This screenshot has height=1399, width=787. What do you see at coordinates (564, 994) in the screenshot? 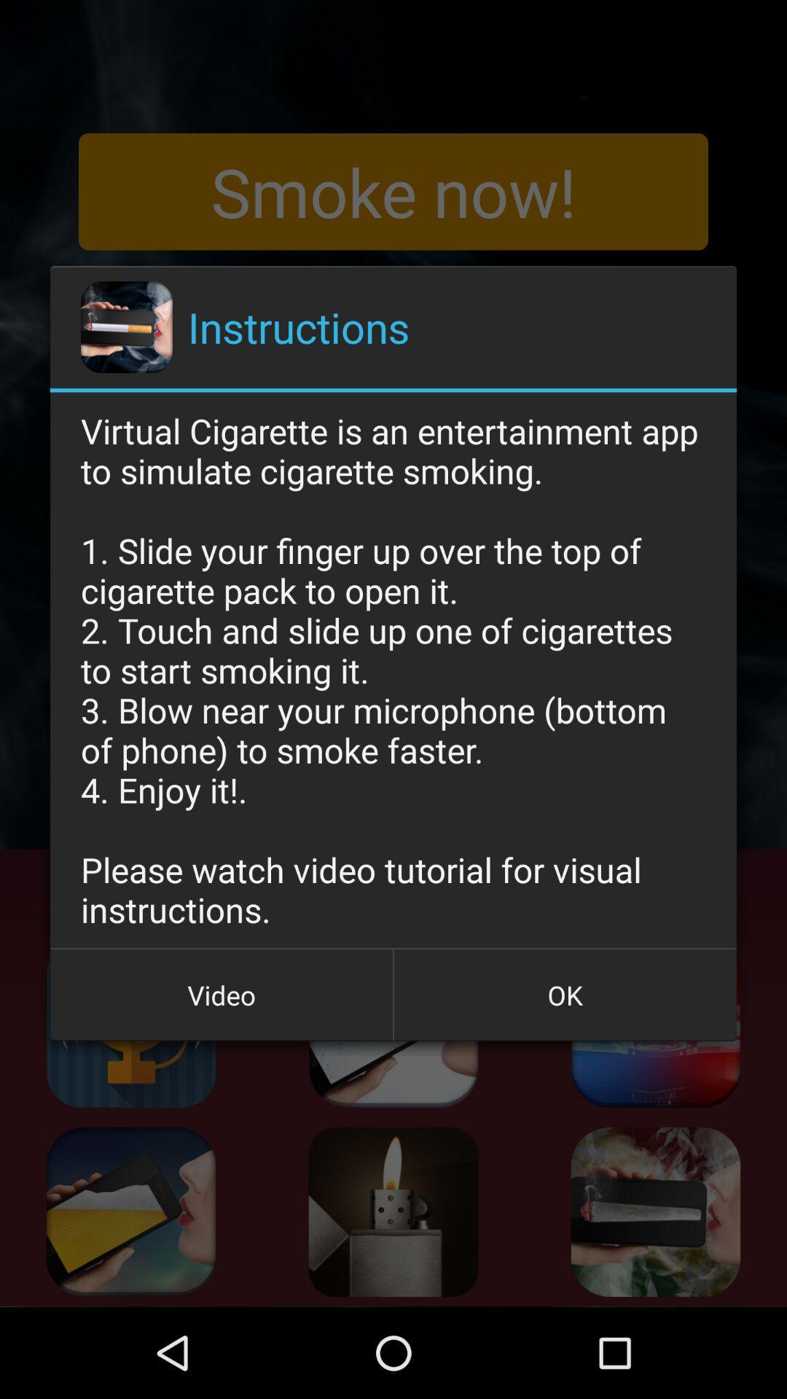
I see `the icon to the right of the video button` at bounding box center [564, 994].